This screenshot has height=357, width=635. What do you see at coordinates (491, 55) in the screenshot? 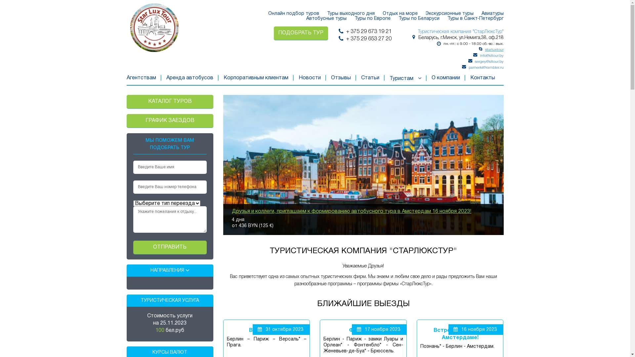
I see `'info@sltour.by'` at bounding box center [491, 55].